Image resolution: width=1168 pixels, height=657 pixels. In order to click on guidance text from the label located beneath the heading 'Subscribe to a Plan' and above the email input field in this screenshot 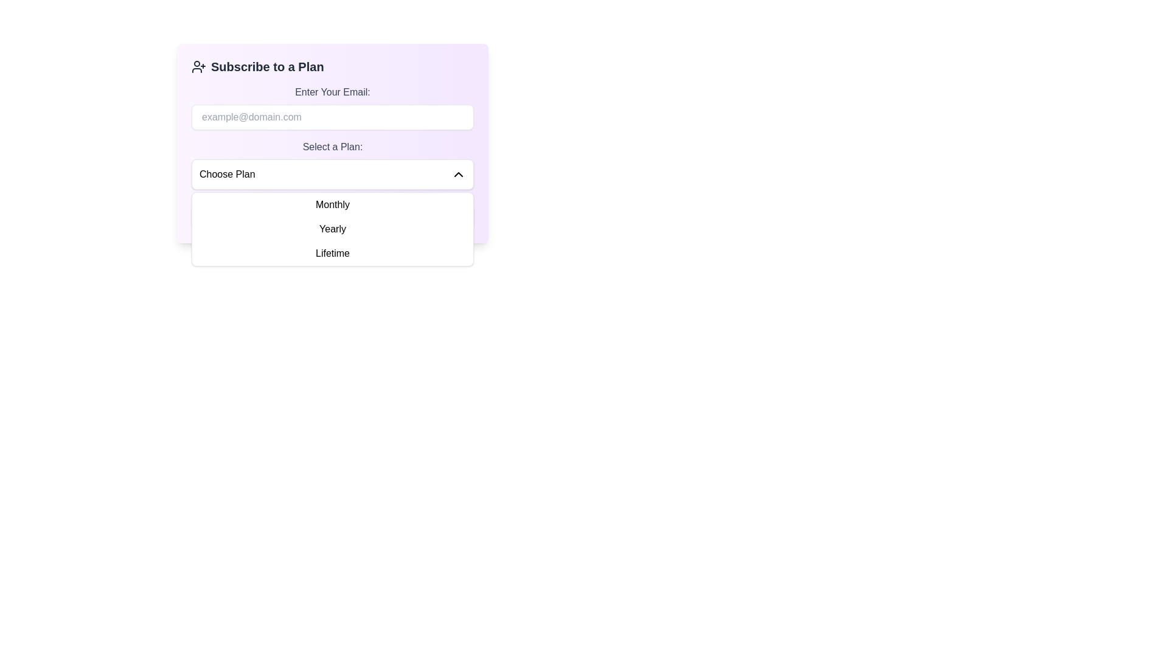, I will do `click(333, 91)`.